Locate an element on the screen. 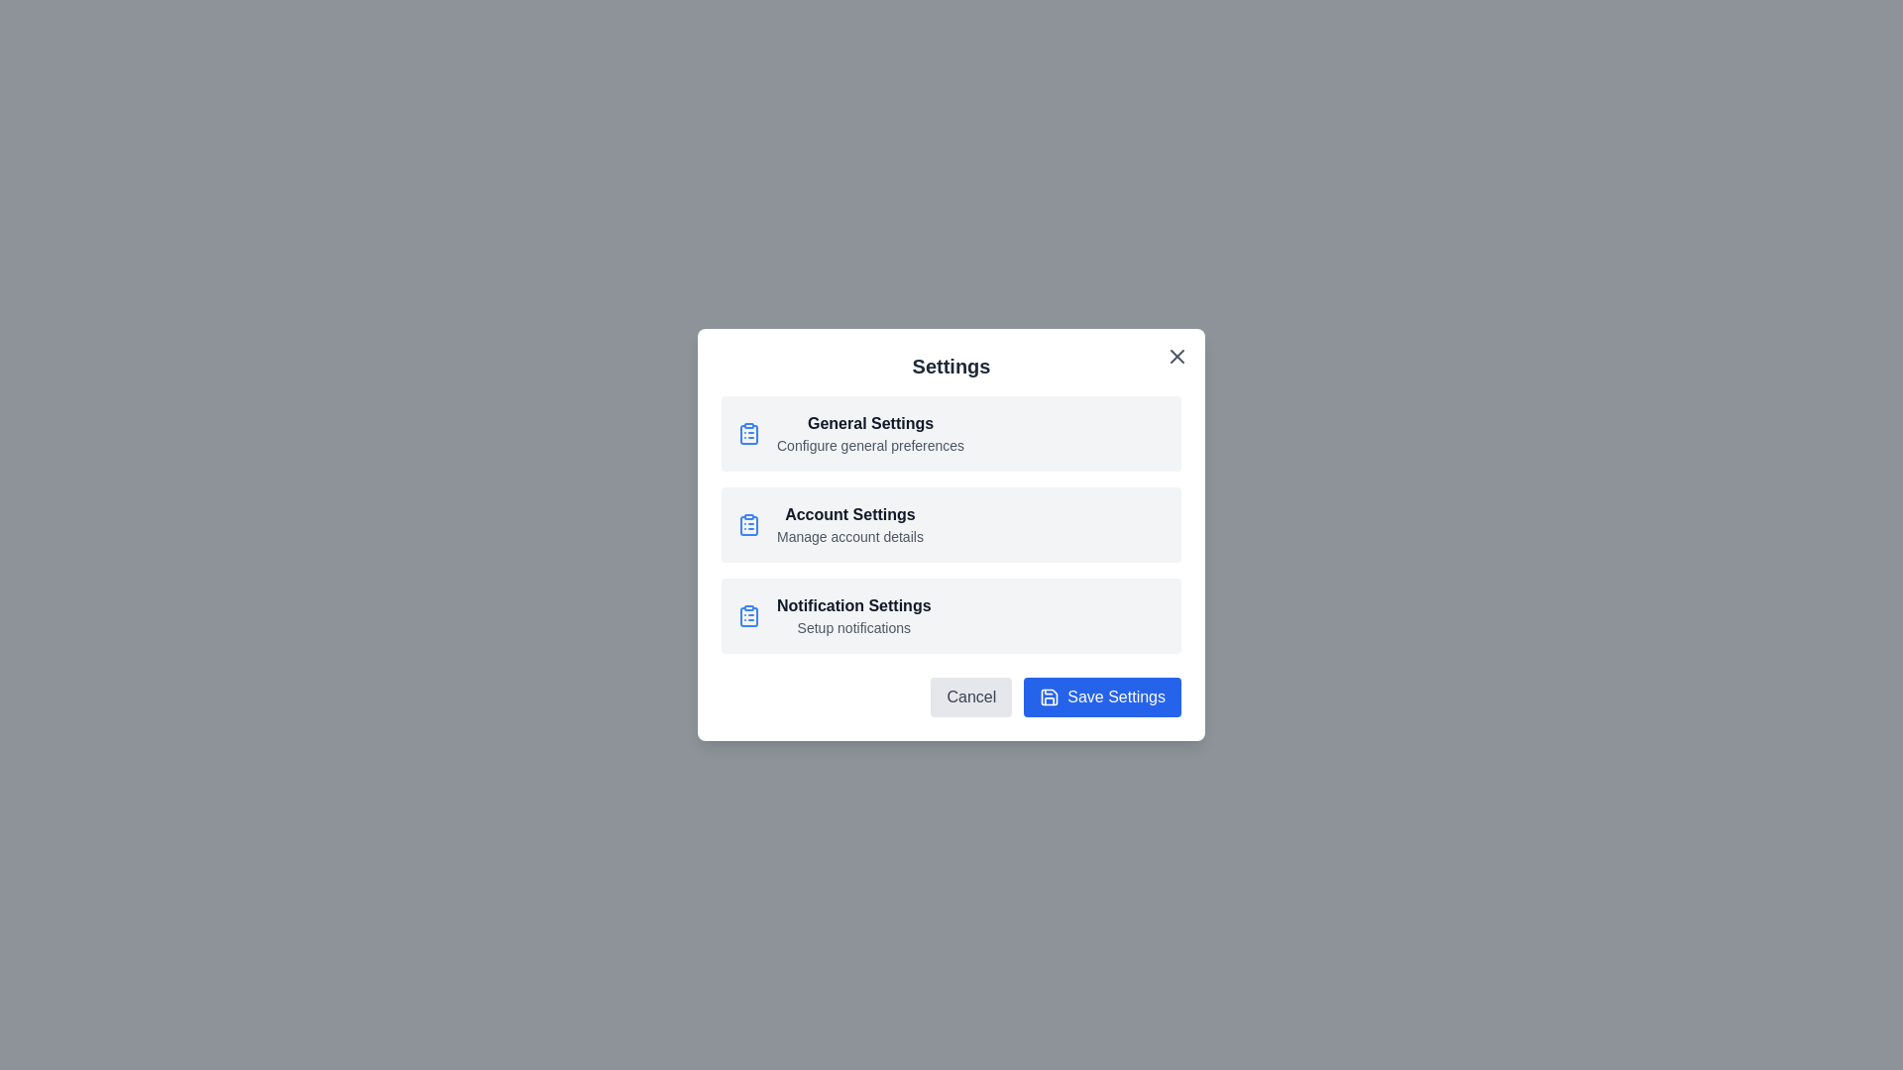 This screenshot has width=1903, height=1070. the text block labeled 'Account Settings' which contains a bold header and a lighter subtext is located at coordinates (849, 523).